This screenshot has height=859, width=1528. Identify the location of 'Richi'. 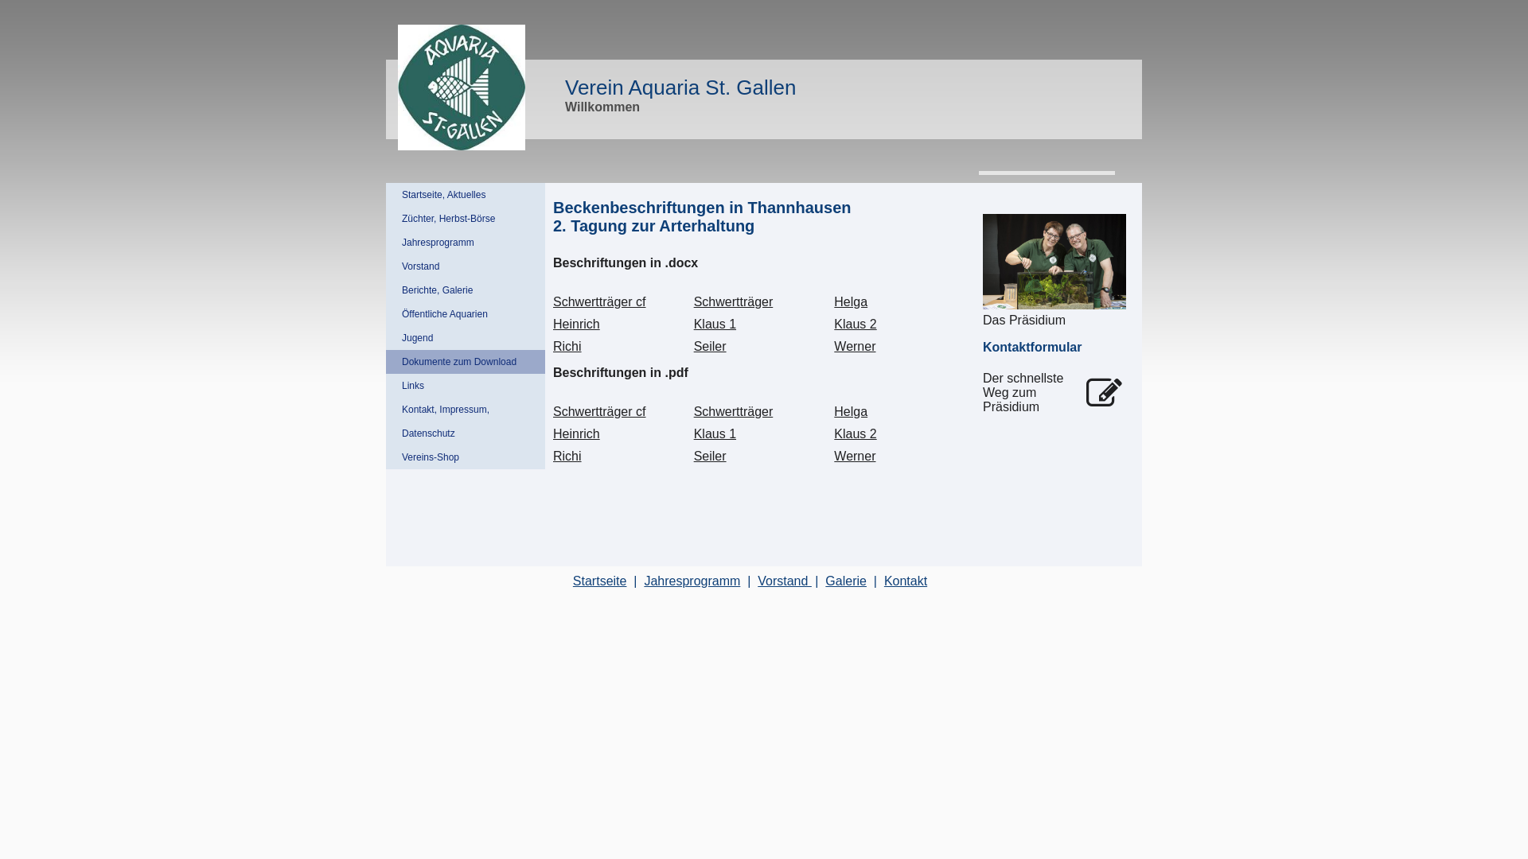
(567, 456).